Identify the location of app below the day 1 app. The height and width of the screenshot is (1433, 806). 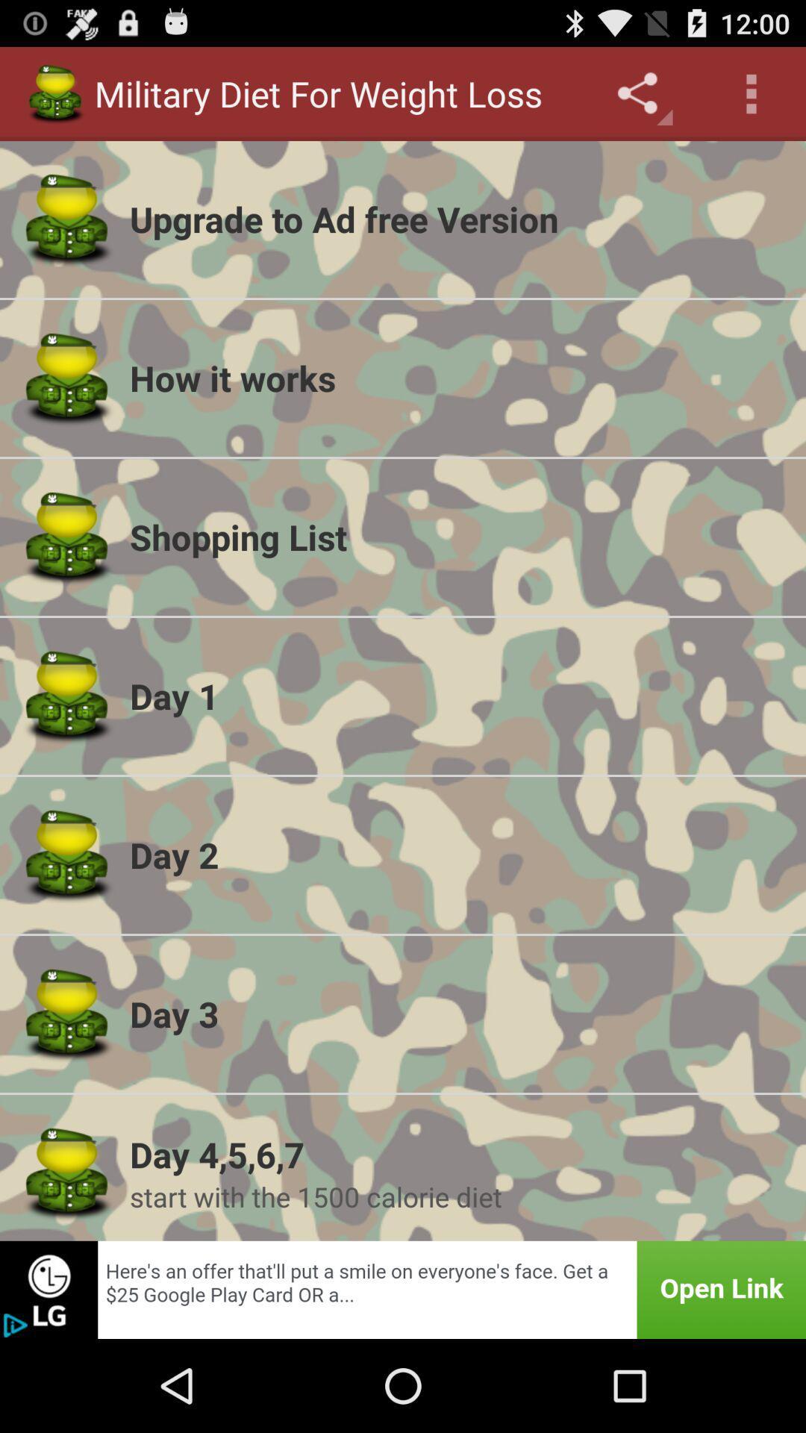
(457, 855).